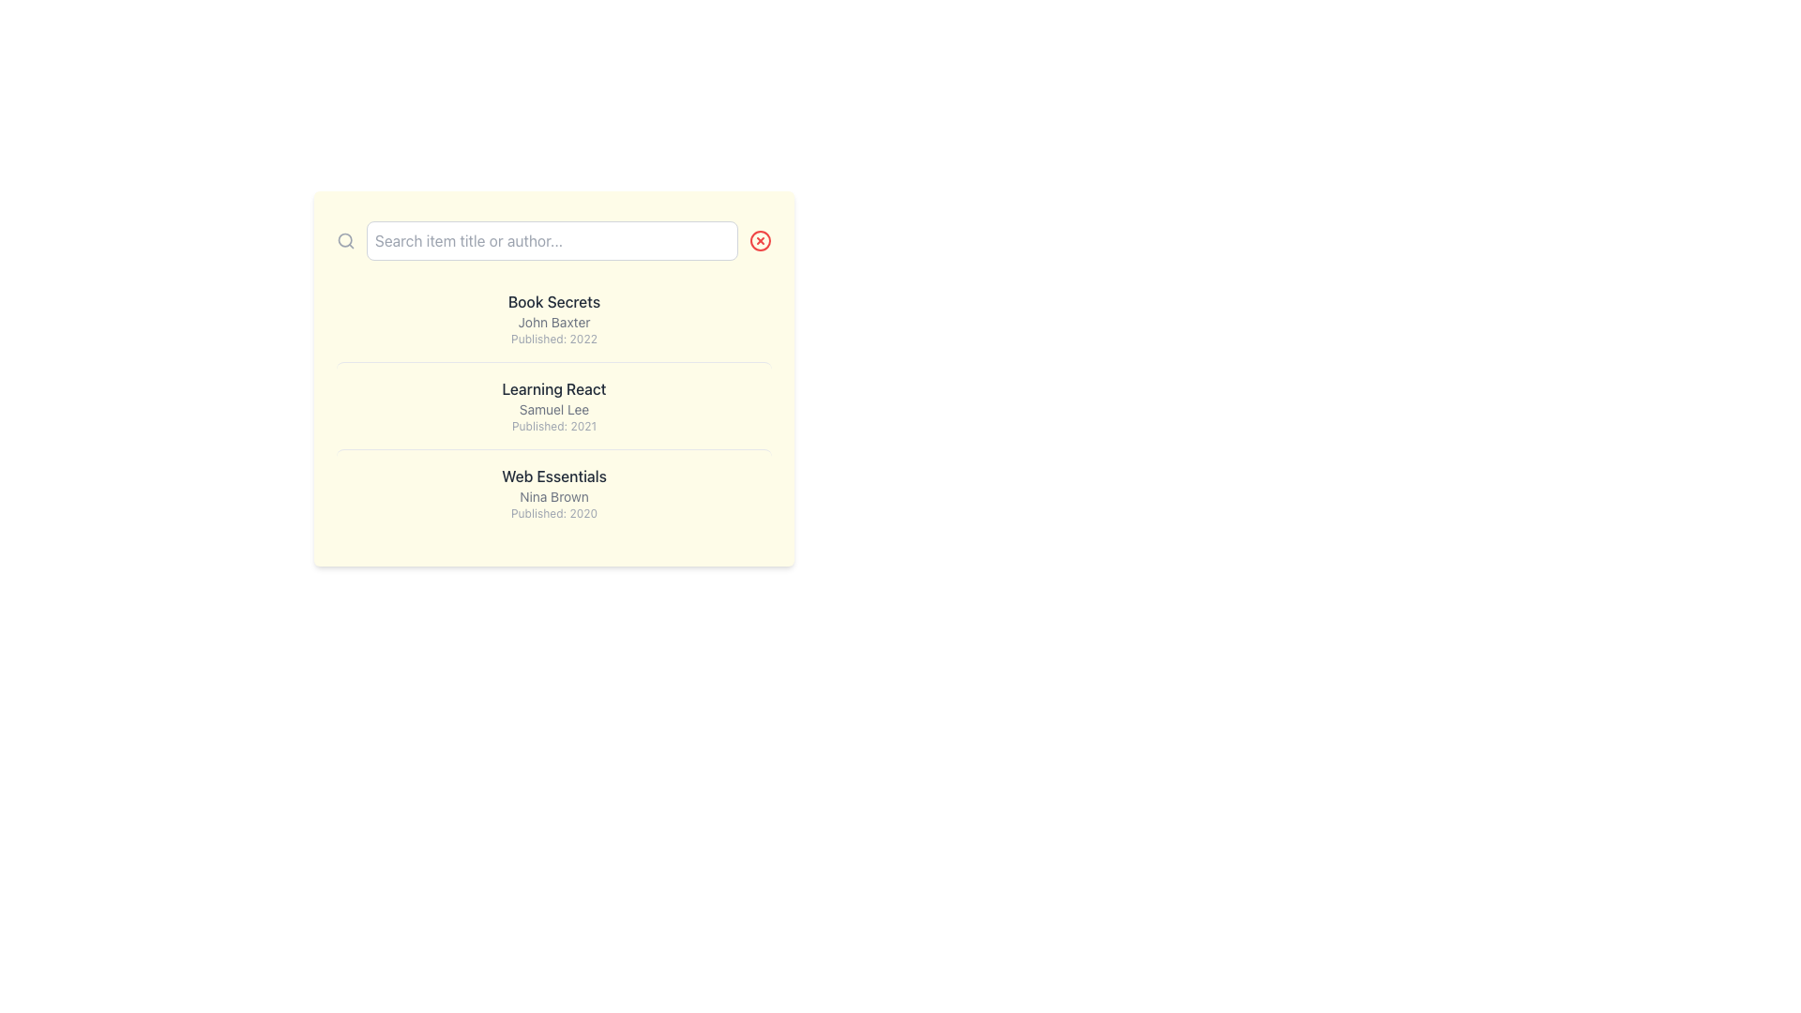  What do you see at coordinates (552, 408) in the screenshot?
I see `text label that says 'Samuel Lee', which is centered within the card for the book 'Learning React' and appears below the title and above the publication date` at bounding box center [552, 408].